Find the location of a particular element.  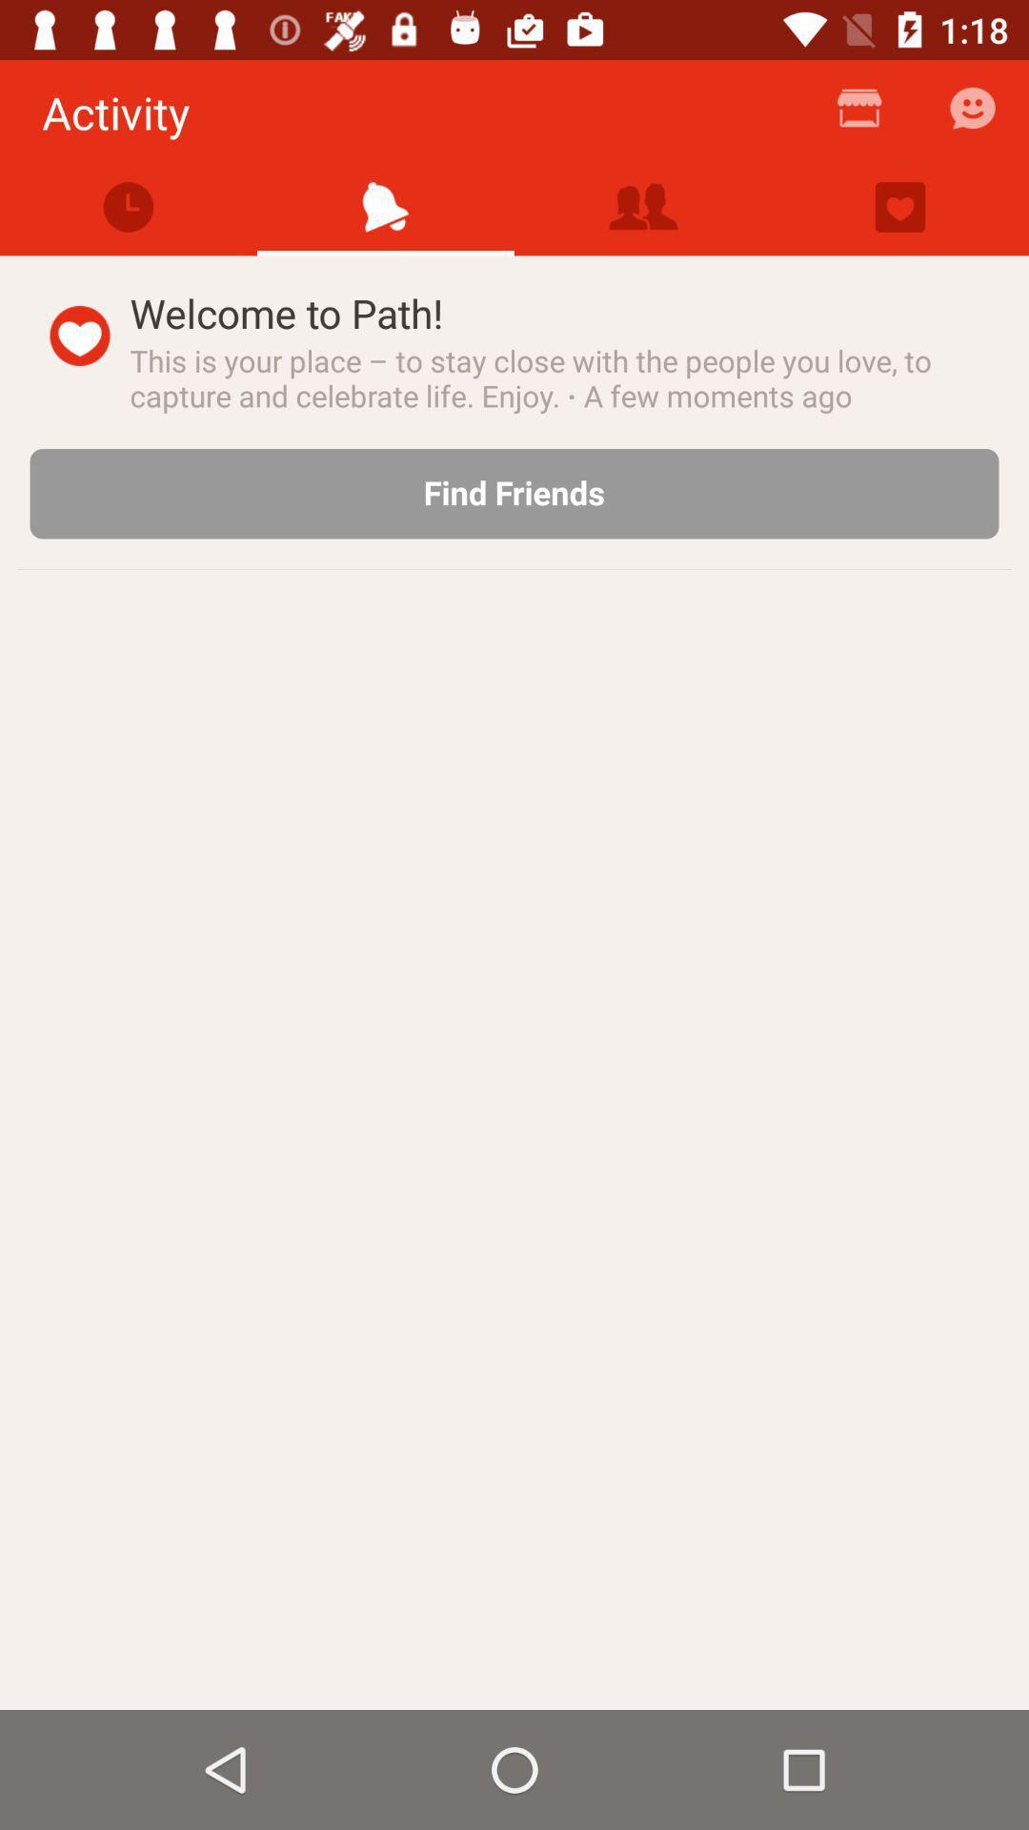

the find friends icon is located at coordinates (514, 494).